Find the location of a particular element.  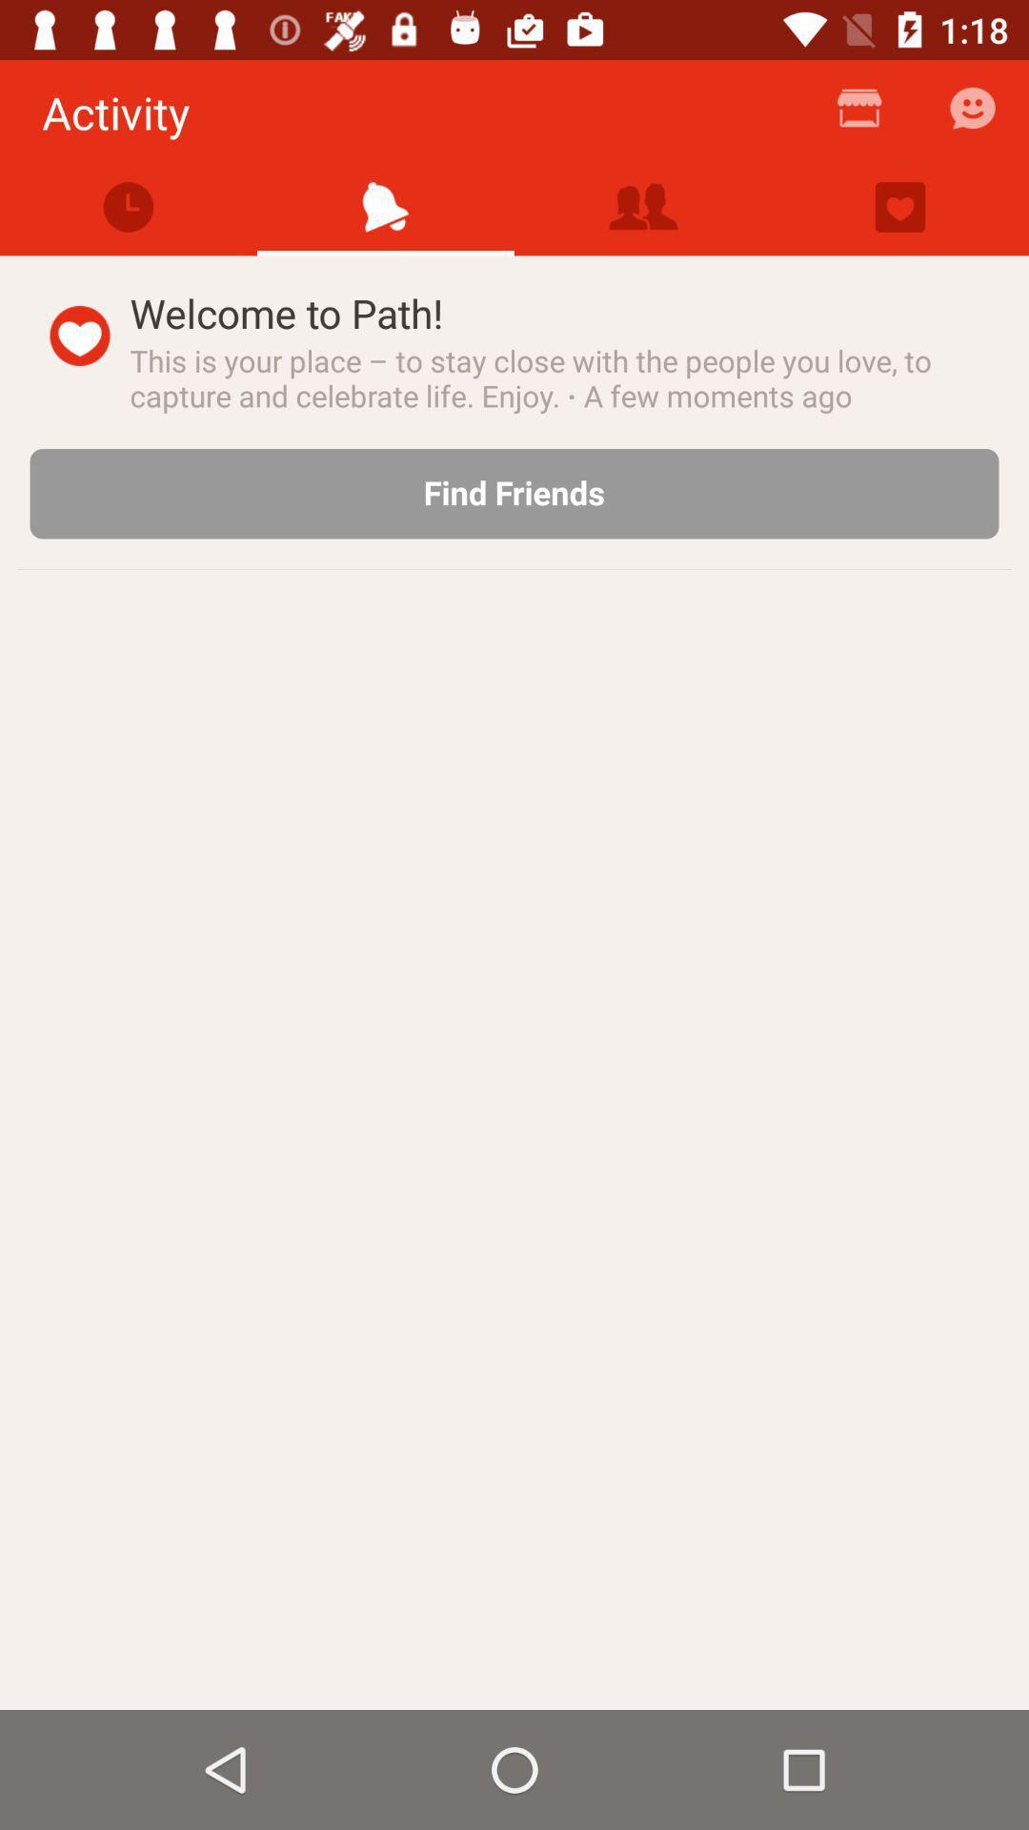

the find friends icon is located at coordinates (514, 494).